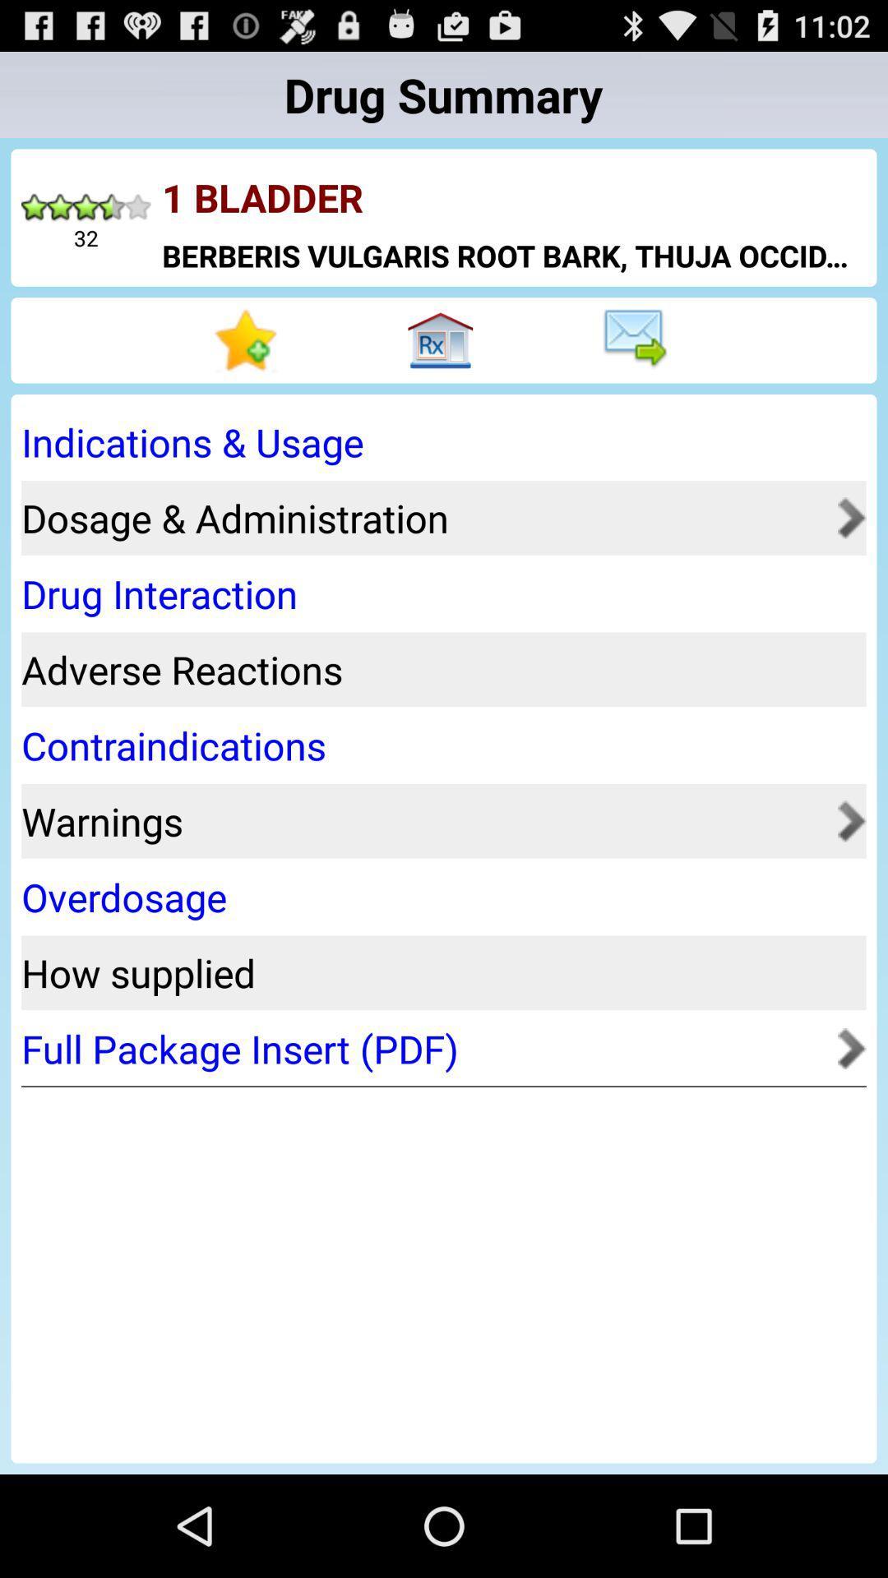 Image resolution: width=888 pixels, height=1578 pixels. I want to click on the drug interaction item, so click(437, 593).